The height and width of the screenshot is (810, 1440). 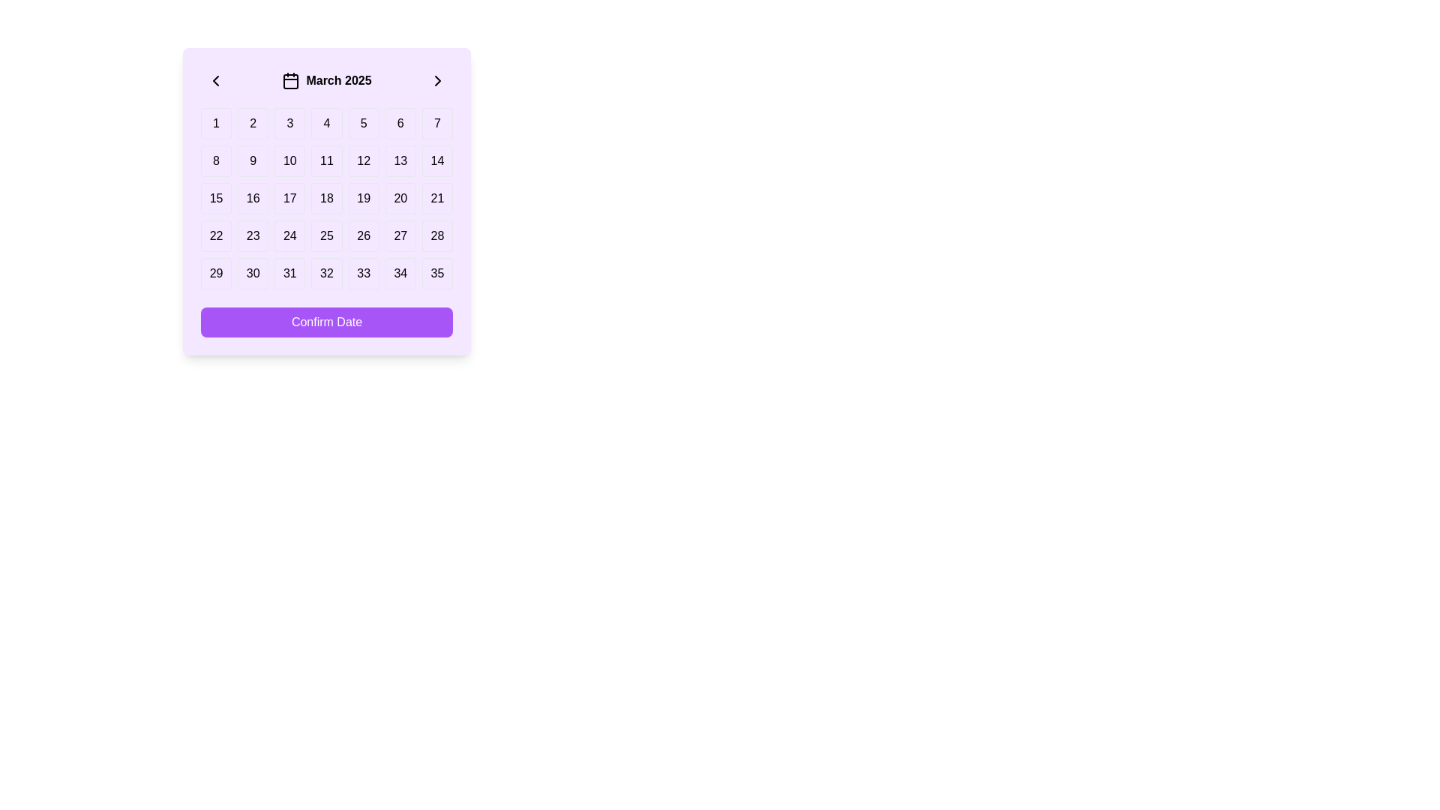 What do you see at coordinates (400, 123) in the screenshot?
I see `the button displaying the number '6' located in the first row and sixth column of the grid` at bounding box center [400, 123].